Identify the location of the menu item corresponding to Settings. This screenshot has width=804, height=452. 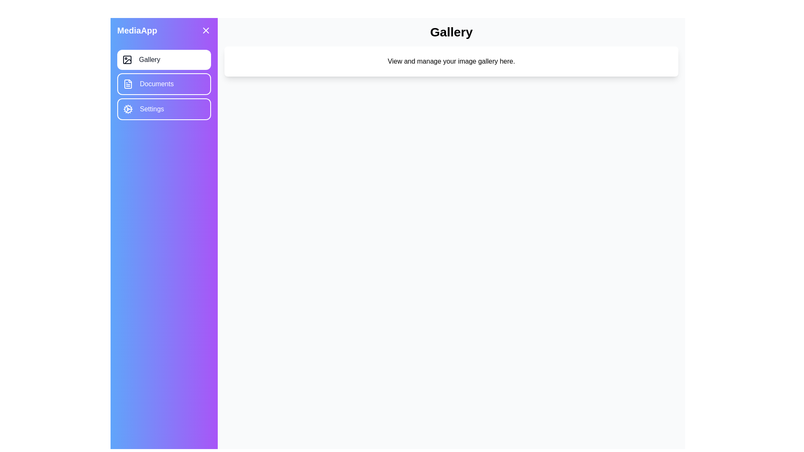
(164, 109).